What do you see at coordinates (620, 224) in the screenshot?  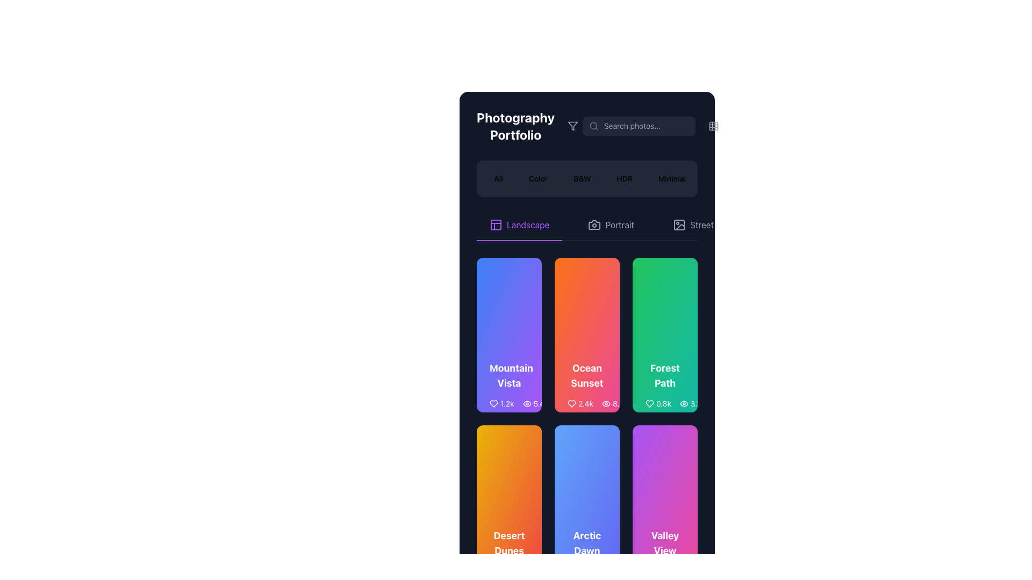 I see `the 'Portrait' text label in the navigation menu` at bounding box center [620, 224].